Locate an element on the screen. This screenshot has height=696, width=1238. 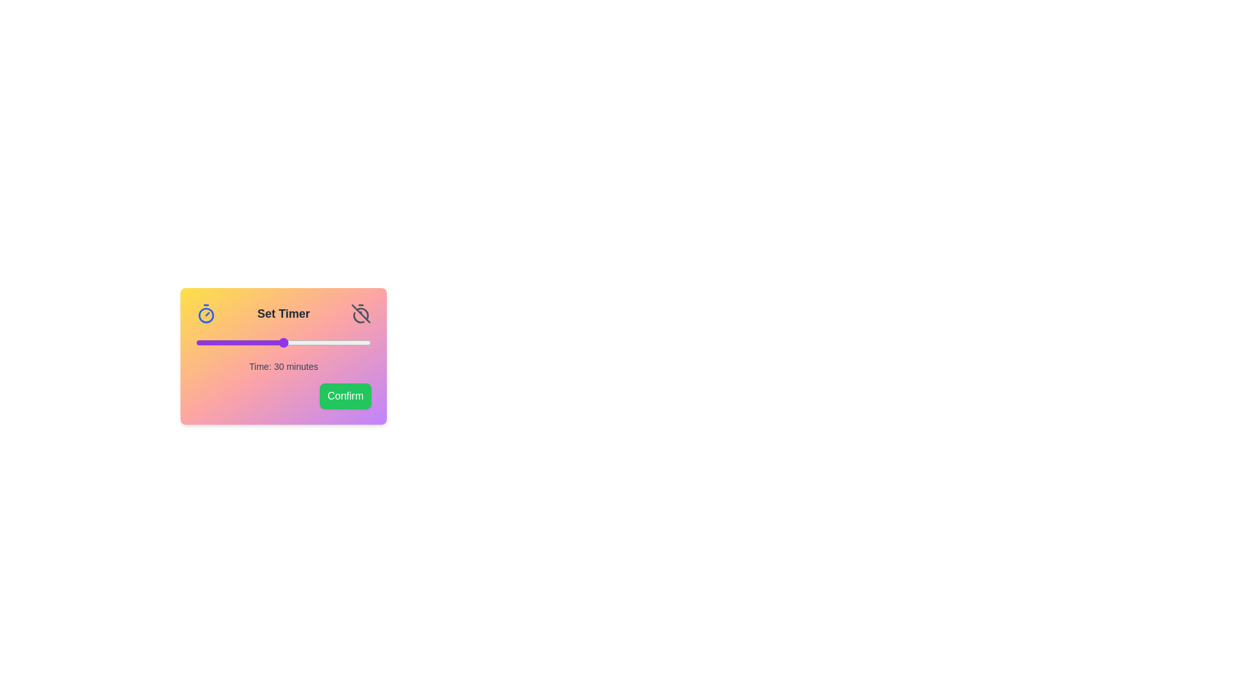
the slider to set the timer to 1 minutes is located at coordinates (198, 342).